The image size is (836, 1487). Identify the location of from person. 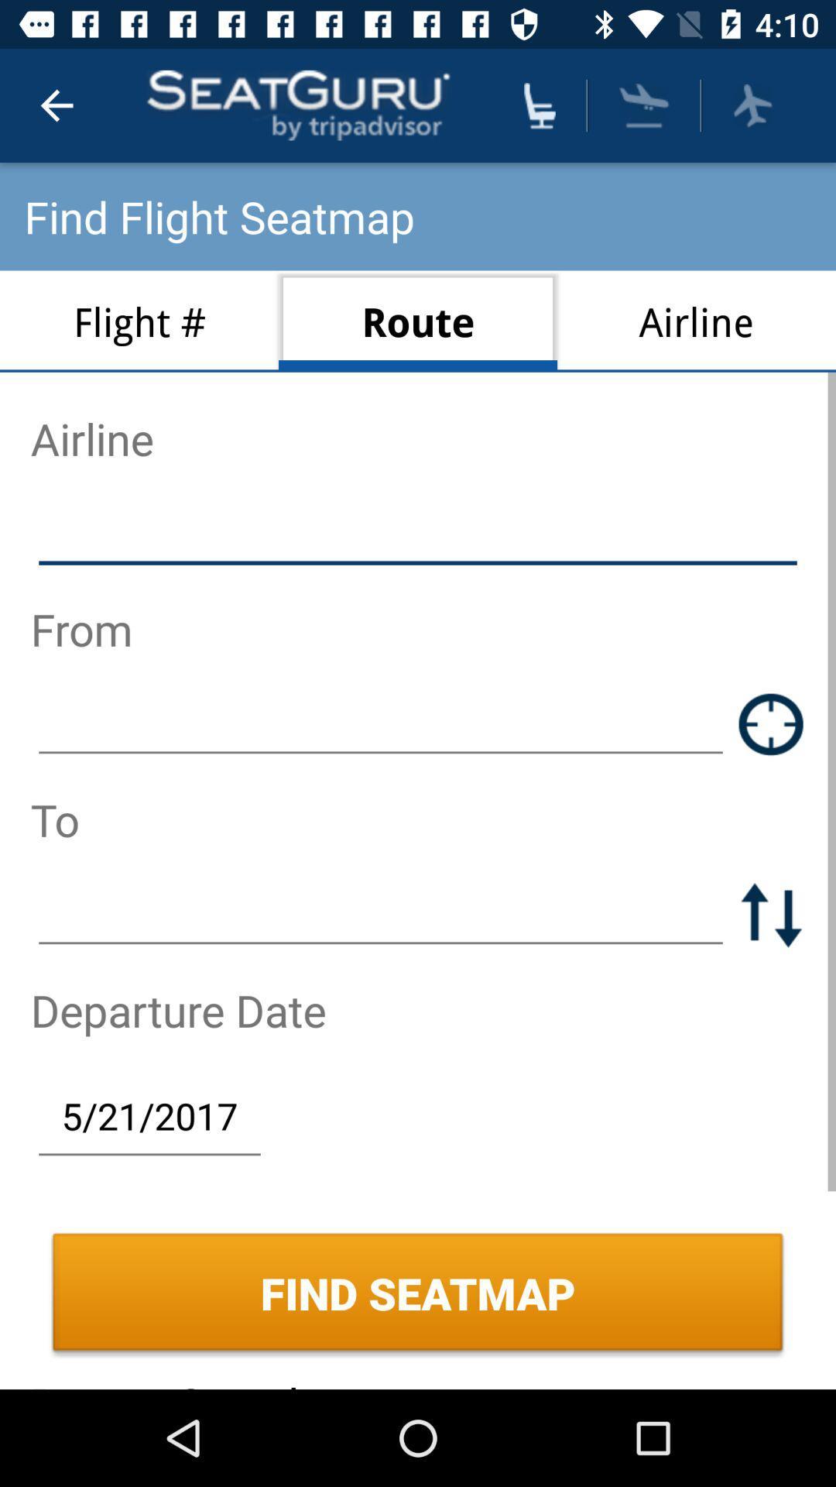
(381, 723).